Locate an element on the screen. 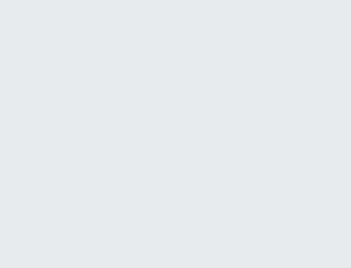  'Isn't it a less easier way of doing it, or is it doing more than just chmoding public_html to 755?' is located at coordinates (111, 123).